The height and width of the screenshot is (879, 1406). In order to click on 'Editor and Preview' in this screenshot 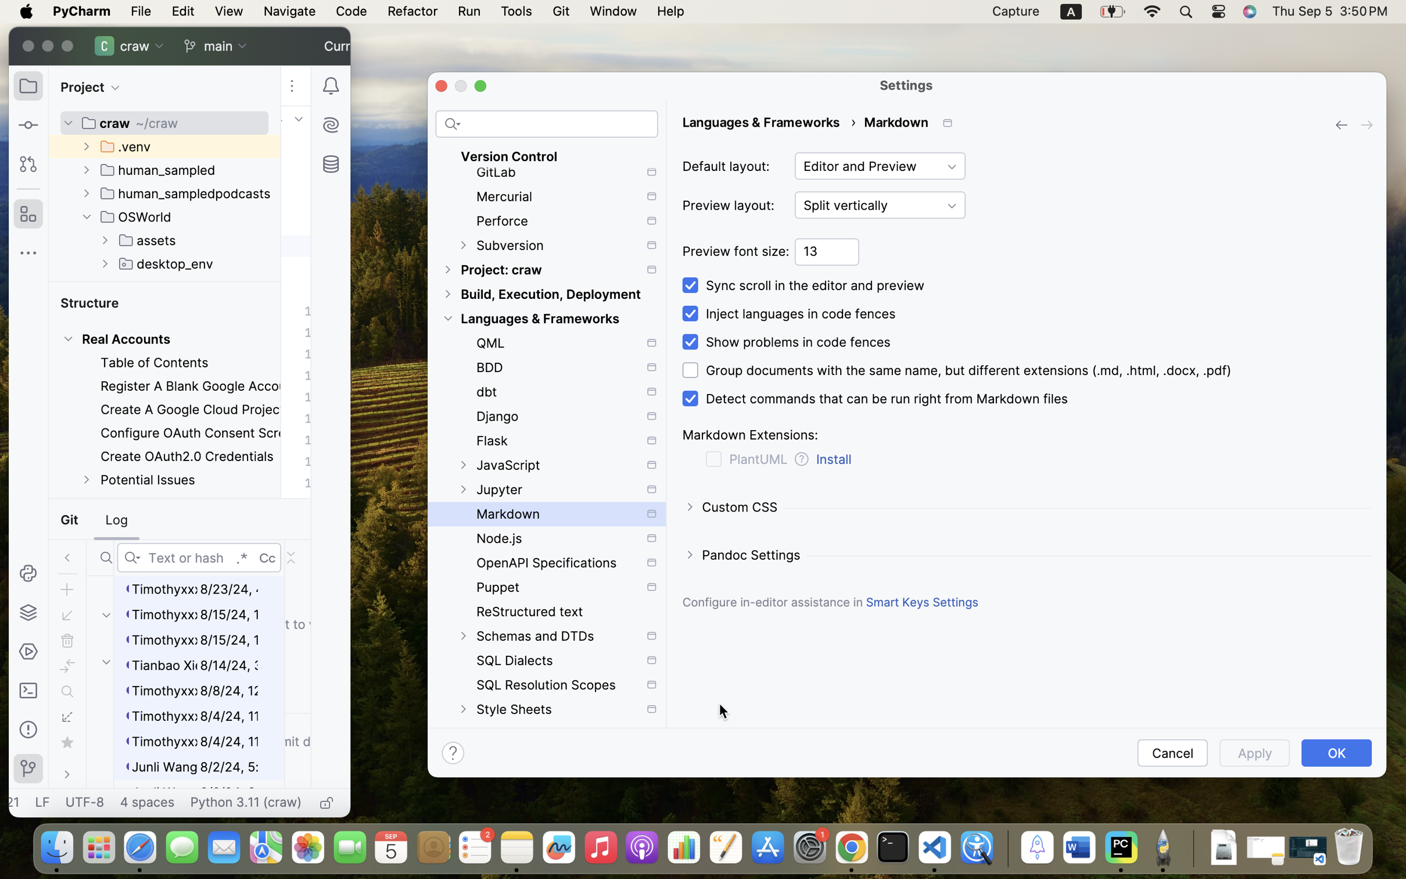, I will do `click(879, 166)`.